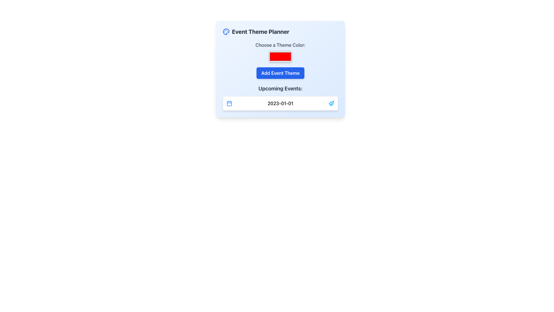 The width and height of the screenshot is (554, 312). I want to click on the button located below the 'Choose a Theme Color' input element, so click(280, 73).